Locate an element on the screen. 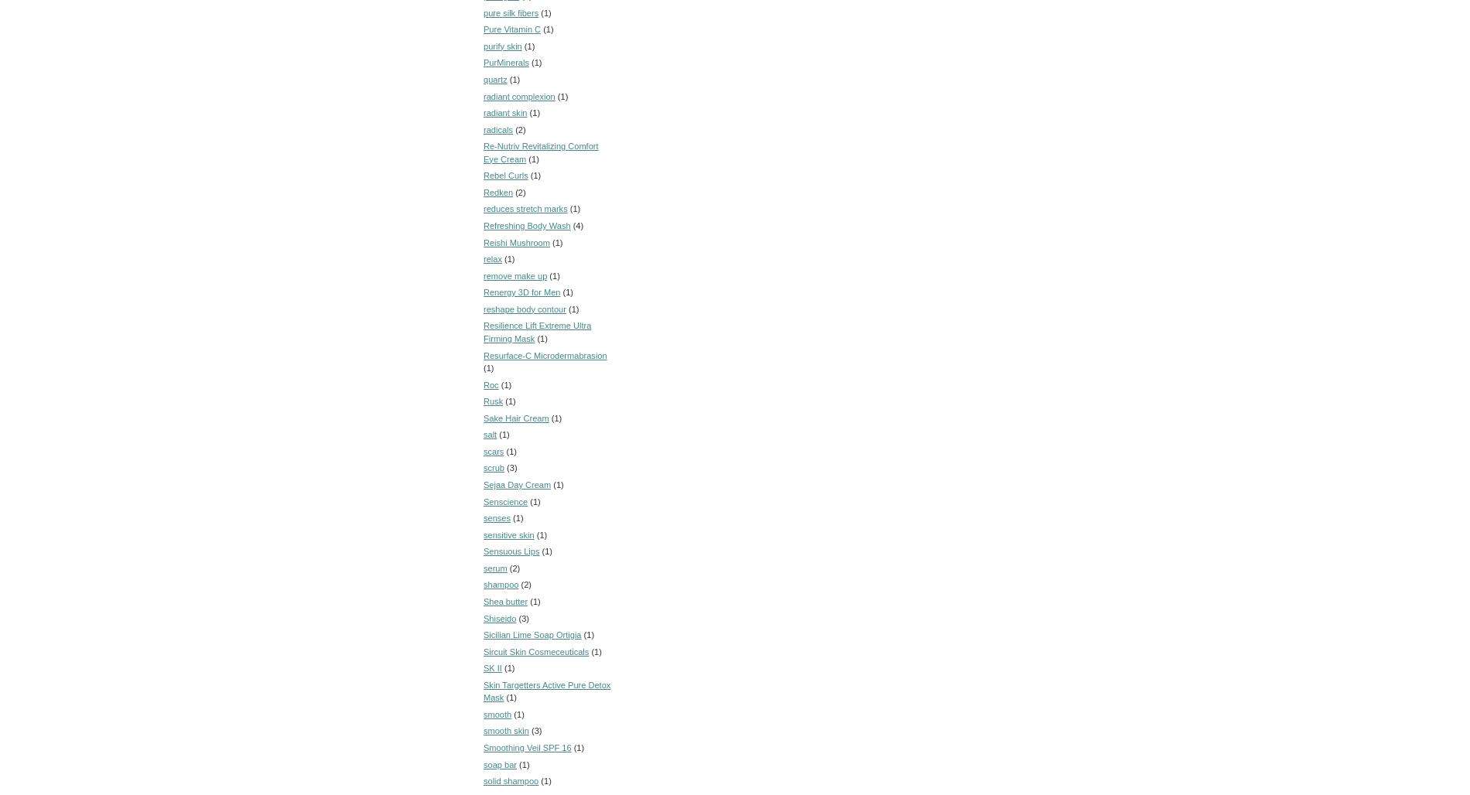 Image resolution: width=1470 pixels, height=795 pixels. 'Sicilian Lime Soap Ortigia' is located at coordinates (532, 634).